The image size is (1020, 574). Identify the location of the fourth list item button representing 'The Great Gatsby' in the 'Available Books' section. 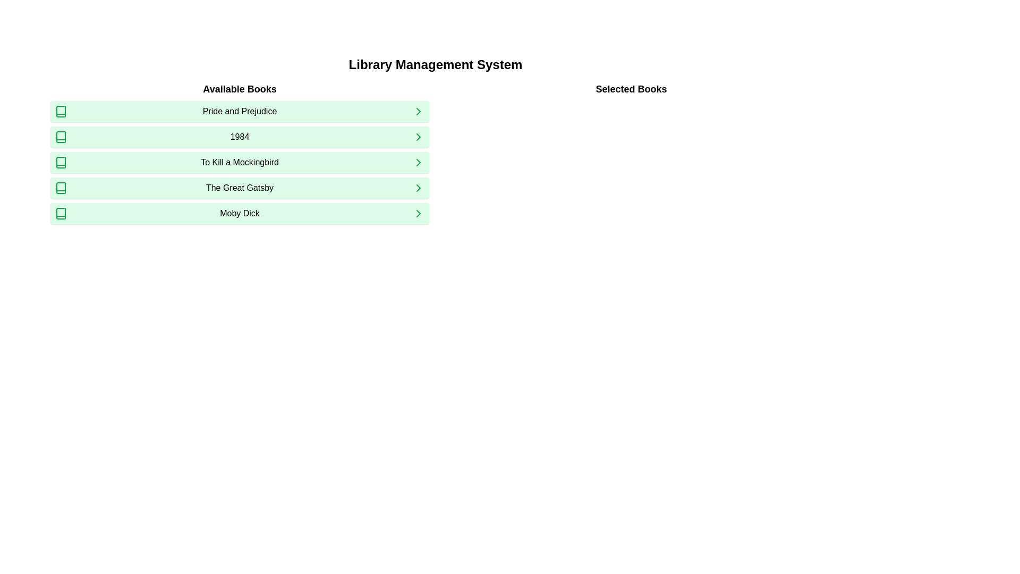
(239, 188).